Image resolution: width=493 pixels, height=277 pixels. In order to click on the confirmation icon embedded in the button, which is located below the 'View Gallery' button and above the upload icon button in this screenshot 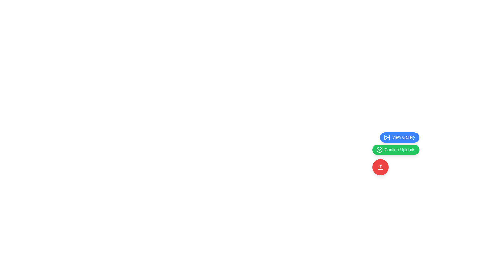, I will do `click(380, 149)`.